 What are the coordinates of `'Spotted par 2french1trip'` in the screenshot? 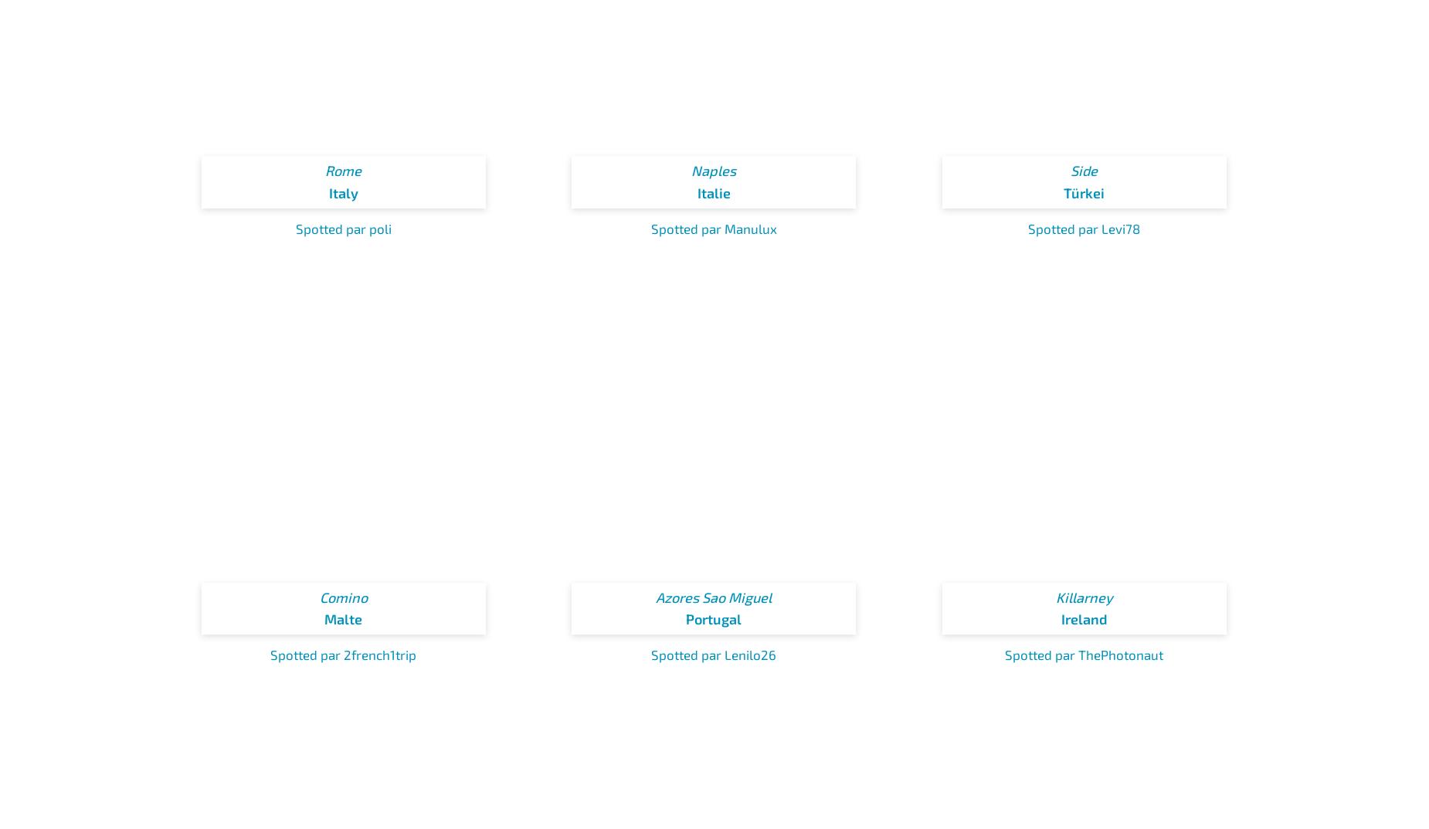 It's located at (342, 655).